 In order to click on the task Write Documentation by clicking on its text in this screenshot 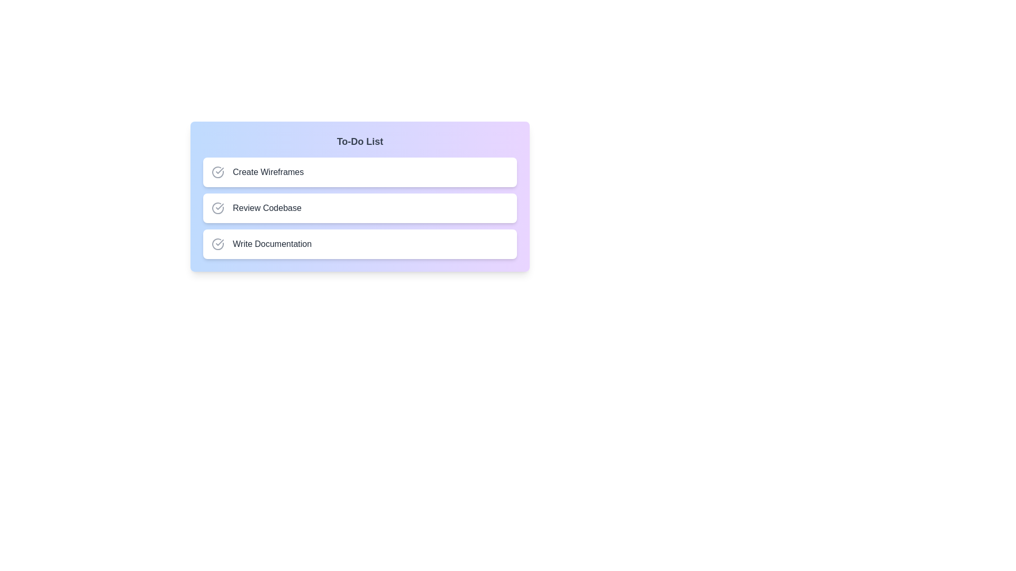, I will do `click(272, 244)`.